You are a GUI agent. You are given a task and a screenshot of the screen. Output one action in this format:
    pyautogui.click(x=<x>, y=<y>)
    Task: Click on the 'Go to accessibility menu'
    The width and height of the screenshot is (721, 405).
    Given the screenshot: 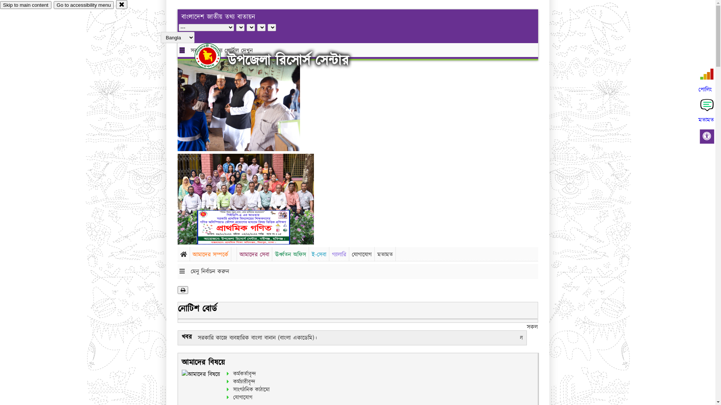 What is the action you would take?
    pyautogui.click(x=83, y=5)
    